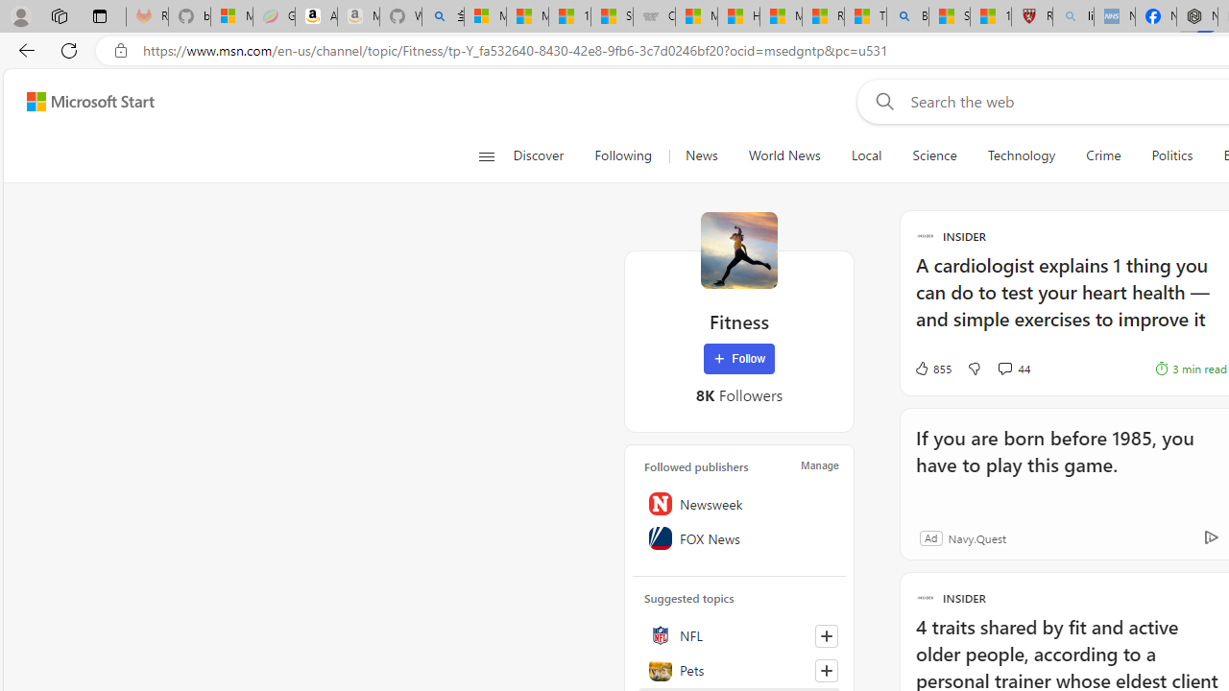 This screenshot has width=1229, height=691. What do you see at coordinates (1210, 537) in the screenshot?
I see `'Ad Choice'` at bounding box center [1210, 537].